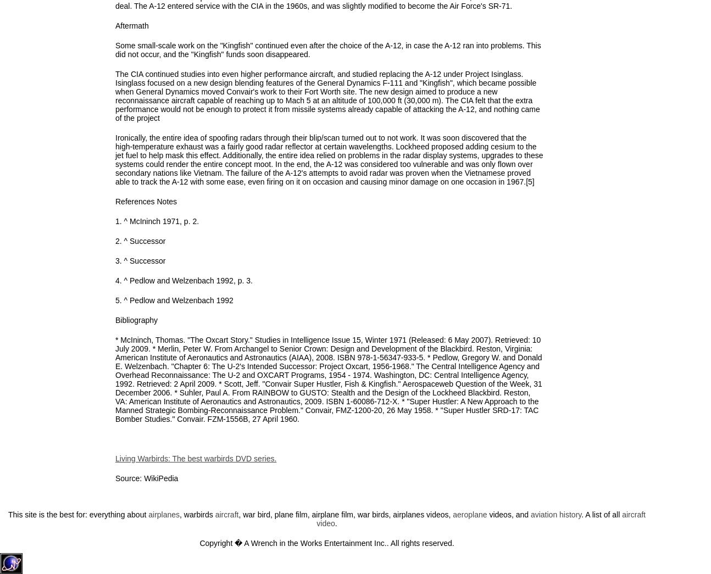 This screenshot has width=711, height=574. Describe the element at coordinates (328, 50) in the screenshot. I see `'Some small-scale work on the "Kingfish" continued even after the choice of the A-12, in case the A-12 ran into problems. This did
not occur, and the "Kingfish" funds soon disappeared.'` at that location.